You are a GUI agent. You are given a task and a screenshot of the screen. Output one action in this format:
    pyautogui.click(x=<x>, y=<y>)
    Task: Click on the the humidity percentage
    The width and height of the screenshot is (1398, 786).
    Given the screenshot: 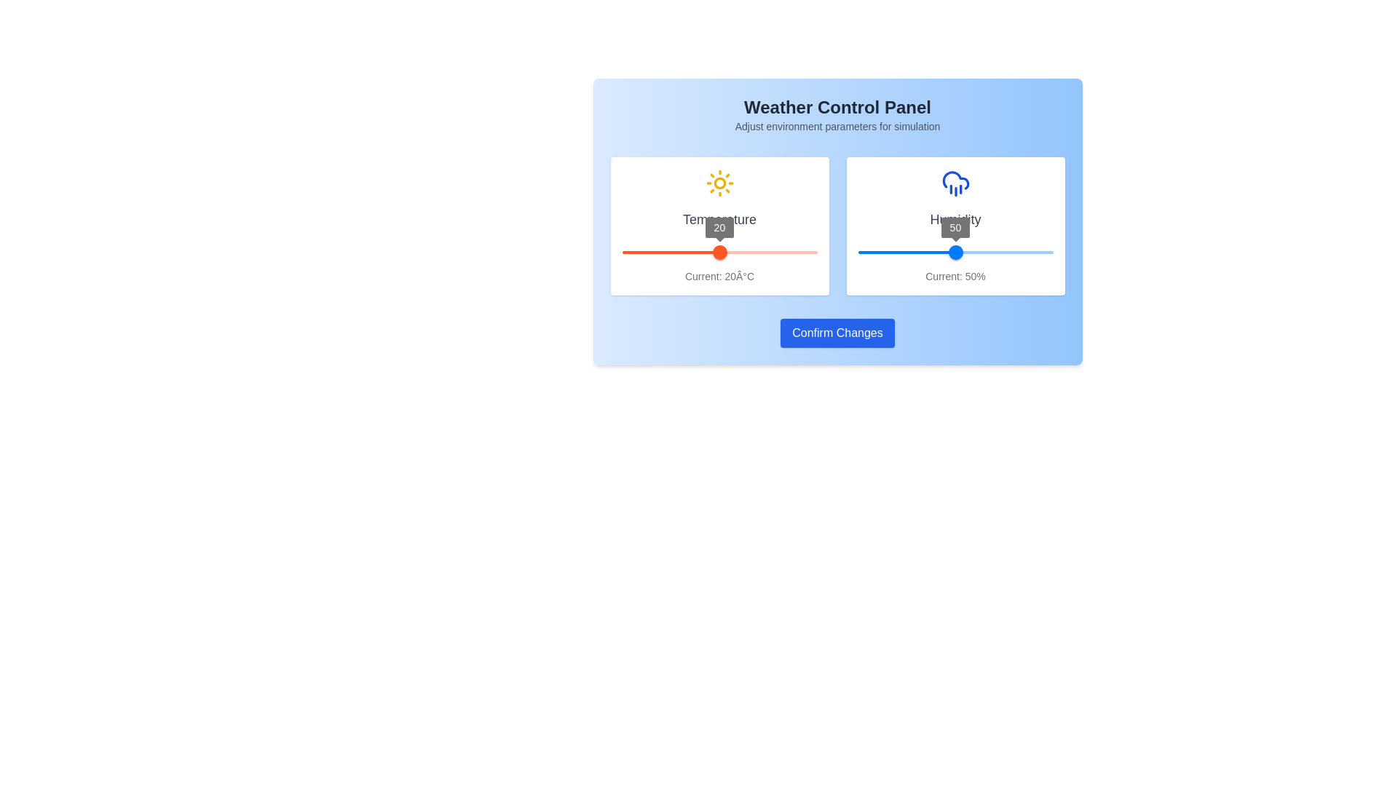 What is the action you would take?
    pyautogui.click(x=1027, y=252)
    